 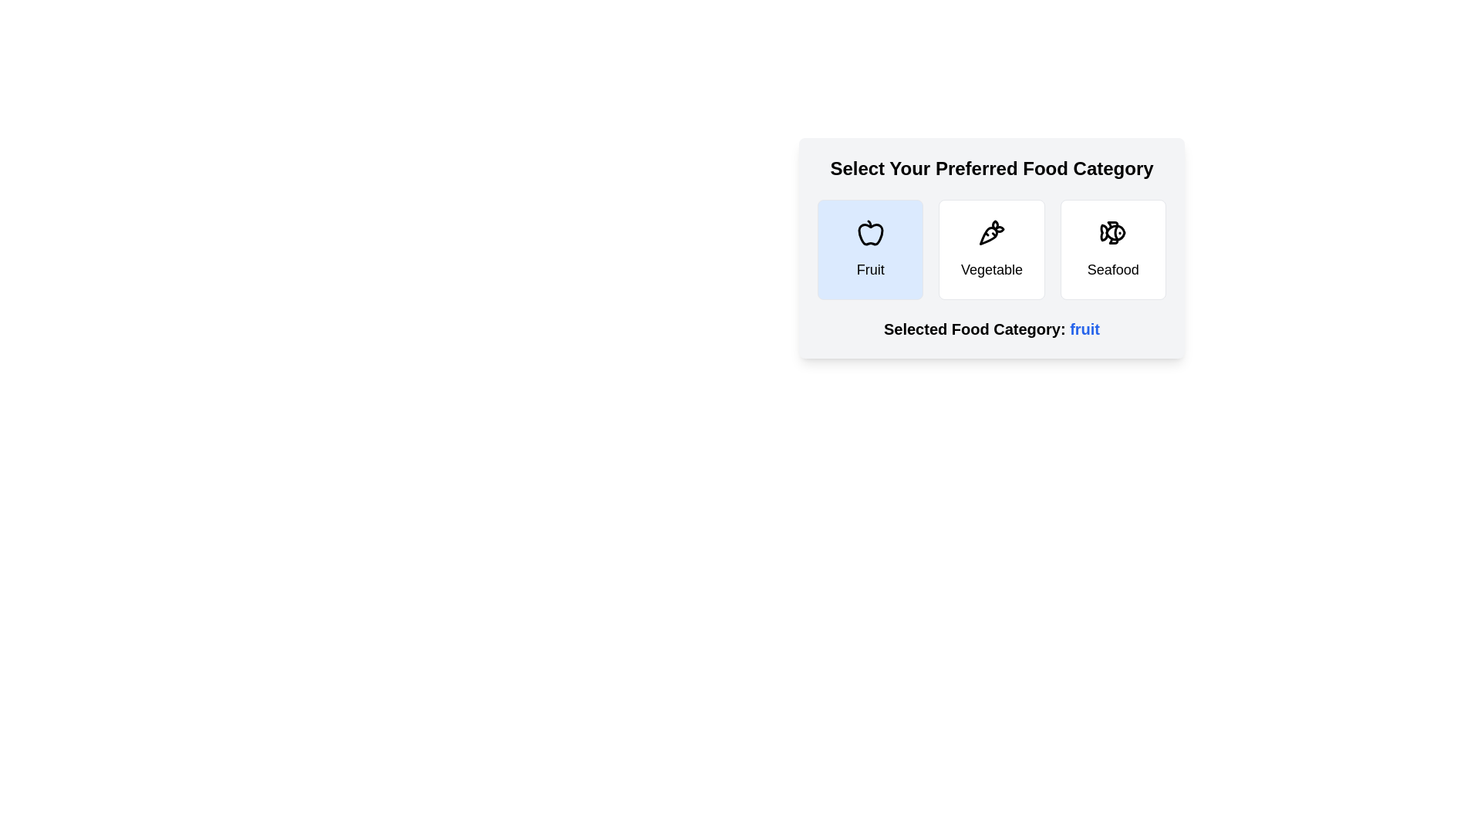 I want to click on the graphical icon resembling the top part of an apple, which is located within the square button labeled 'Fruit' in the leftmost position of a horizontal set of three options, so click(x=870, y=234).